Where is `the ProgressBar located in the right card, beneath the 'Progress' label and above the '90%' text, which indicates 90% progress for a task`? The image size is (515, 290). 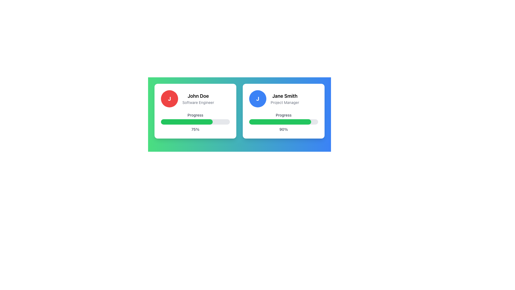 the ProgressBar located in the right card, beneath the 'Progress' label and above the '90%' text, which indicates 90% progress for a task is located at coordinates (280, 122).